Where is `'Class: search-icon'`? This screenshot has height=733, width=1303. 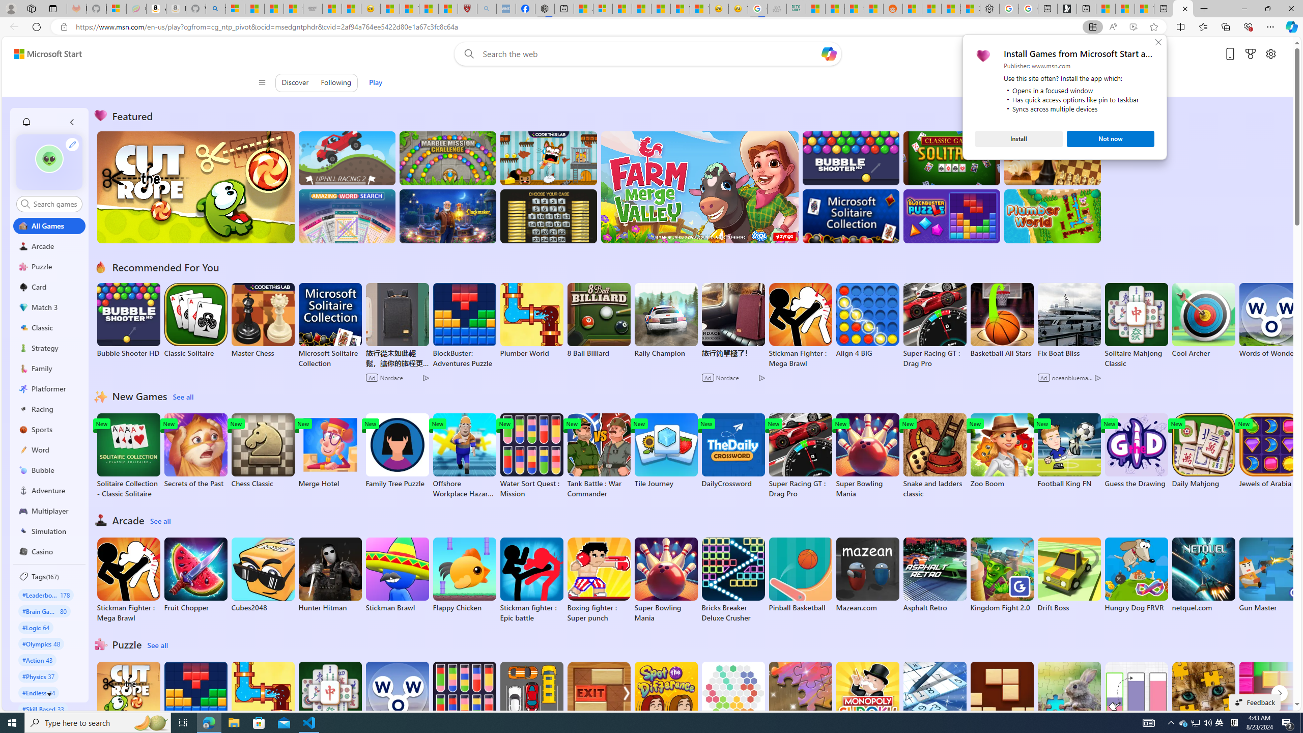
'Class: search-icon' is located at coordinates (24, 203).